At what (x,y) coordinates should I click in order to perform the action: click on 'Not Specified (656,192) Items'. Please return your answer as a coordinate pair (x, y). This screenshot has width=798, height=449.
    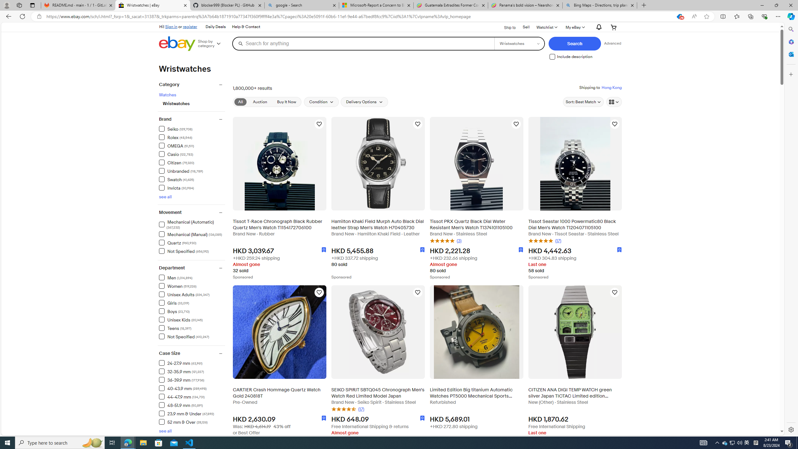
    Looking at the image, I should click on (184, 251).